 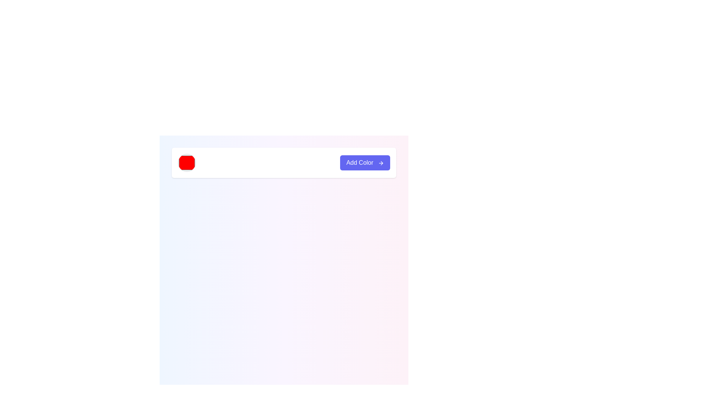 What do you see at coordinates (382, 162) in the screenshot?
I see `the 'Add Color' button which contains a rightward-pointing arrow SVG element` at bounding box center [382, 162].